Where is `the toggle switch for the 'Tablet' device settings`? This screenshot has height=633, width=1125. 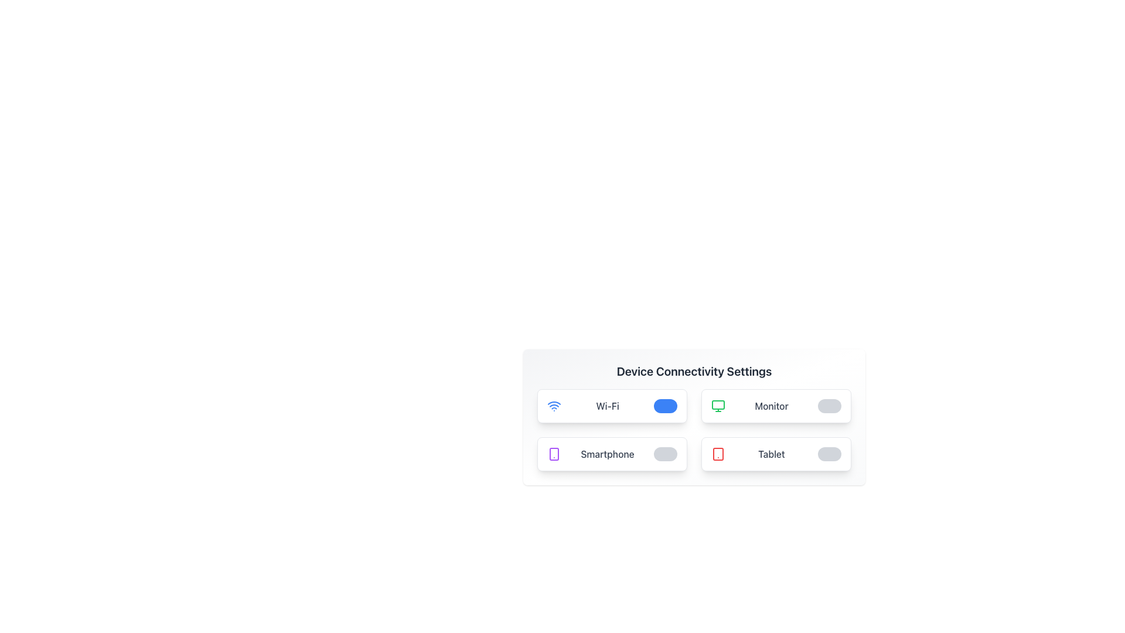
the toggle switch for the 'Tablet' device settings is located at coordinates (829, 454).